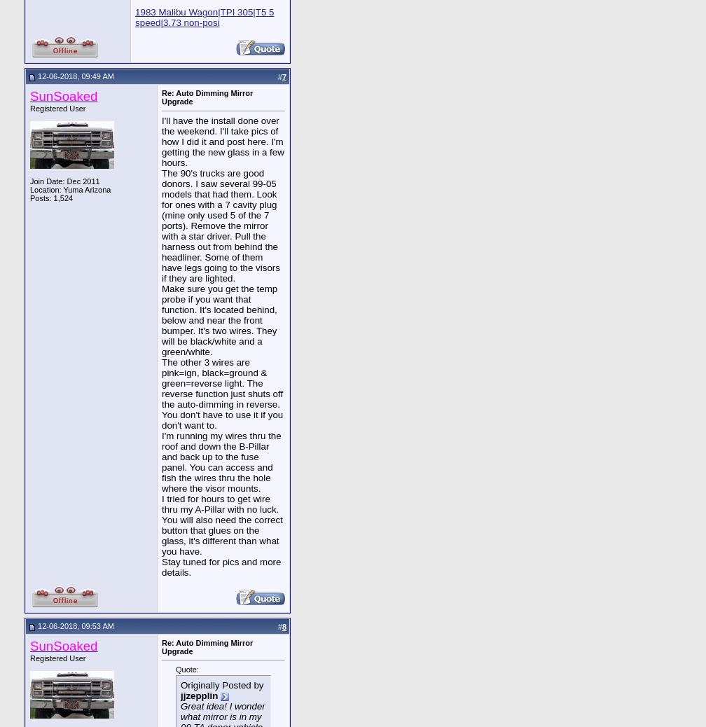  Describe the element at coordinates (187, 669) in the screenshot. I see `'Quote:'` at that location.